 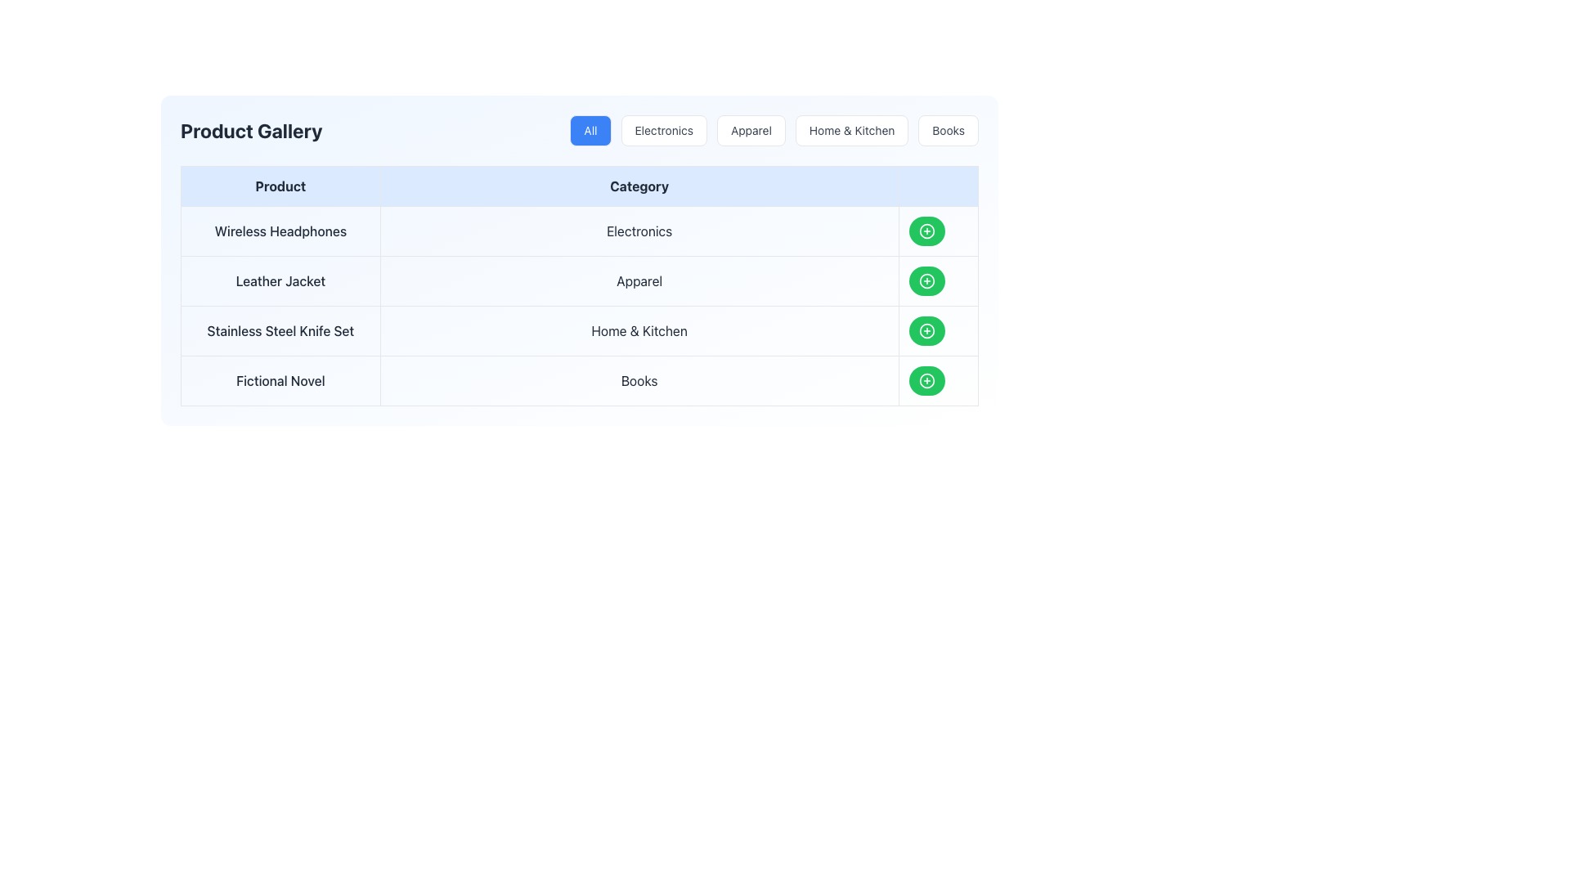 What do you see at coordinates (664, 129) in the screenshot?
I see `the 'Electronics' button, which is a rectangular button with rounded edges, white background, and gray text, located near the top of the interface above the 'Product Gallery' table` at bounding box center [664, 129].